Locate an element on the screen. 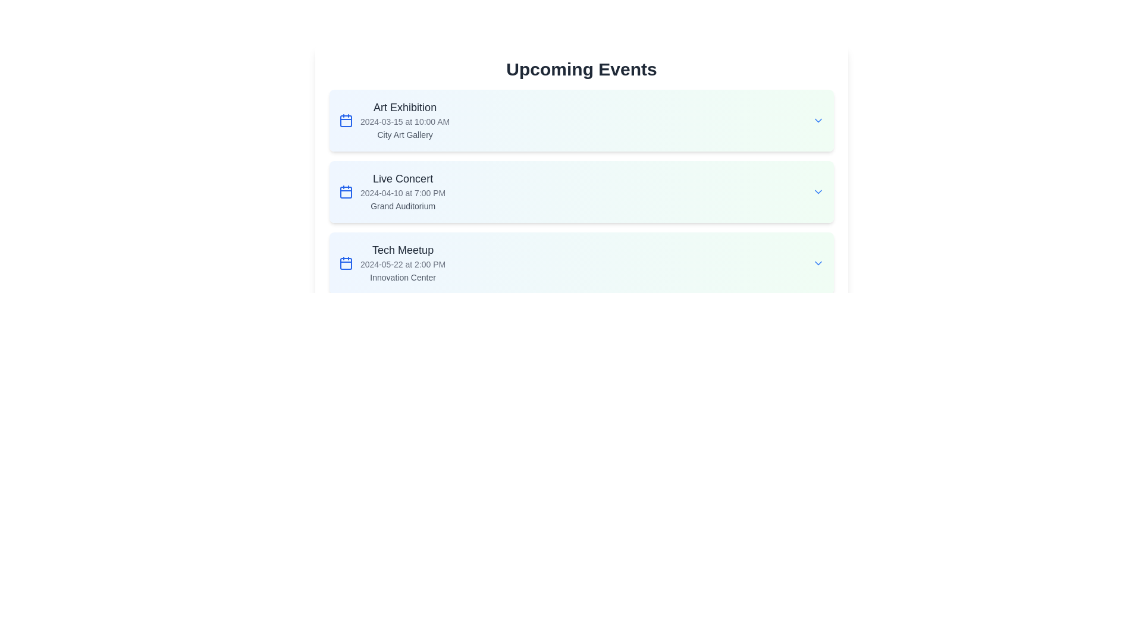  the date-related icon located inside the 'Live Concert' block, next to '2024-04-10 at 7:00 PM' is located at coordinates (345, 191).